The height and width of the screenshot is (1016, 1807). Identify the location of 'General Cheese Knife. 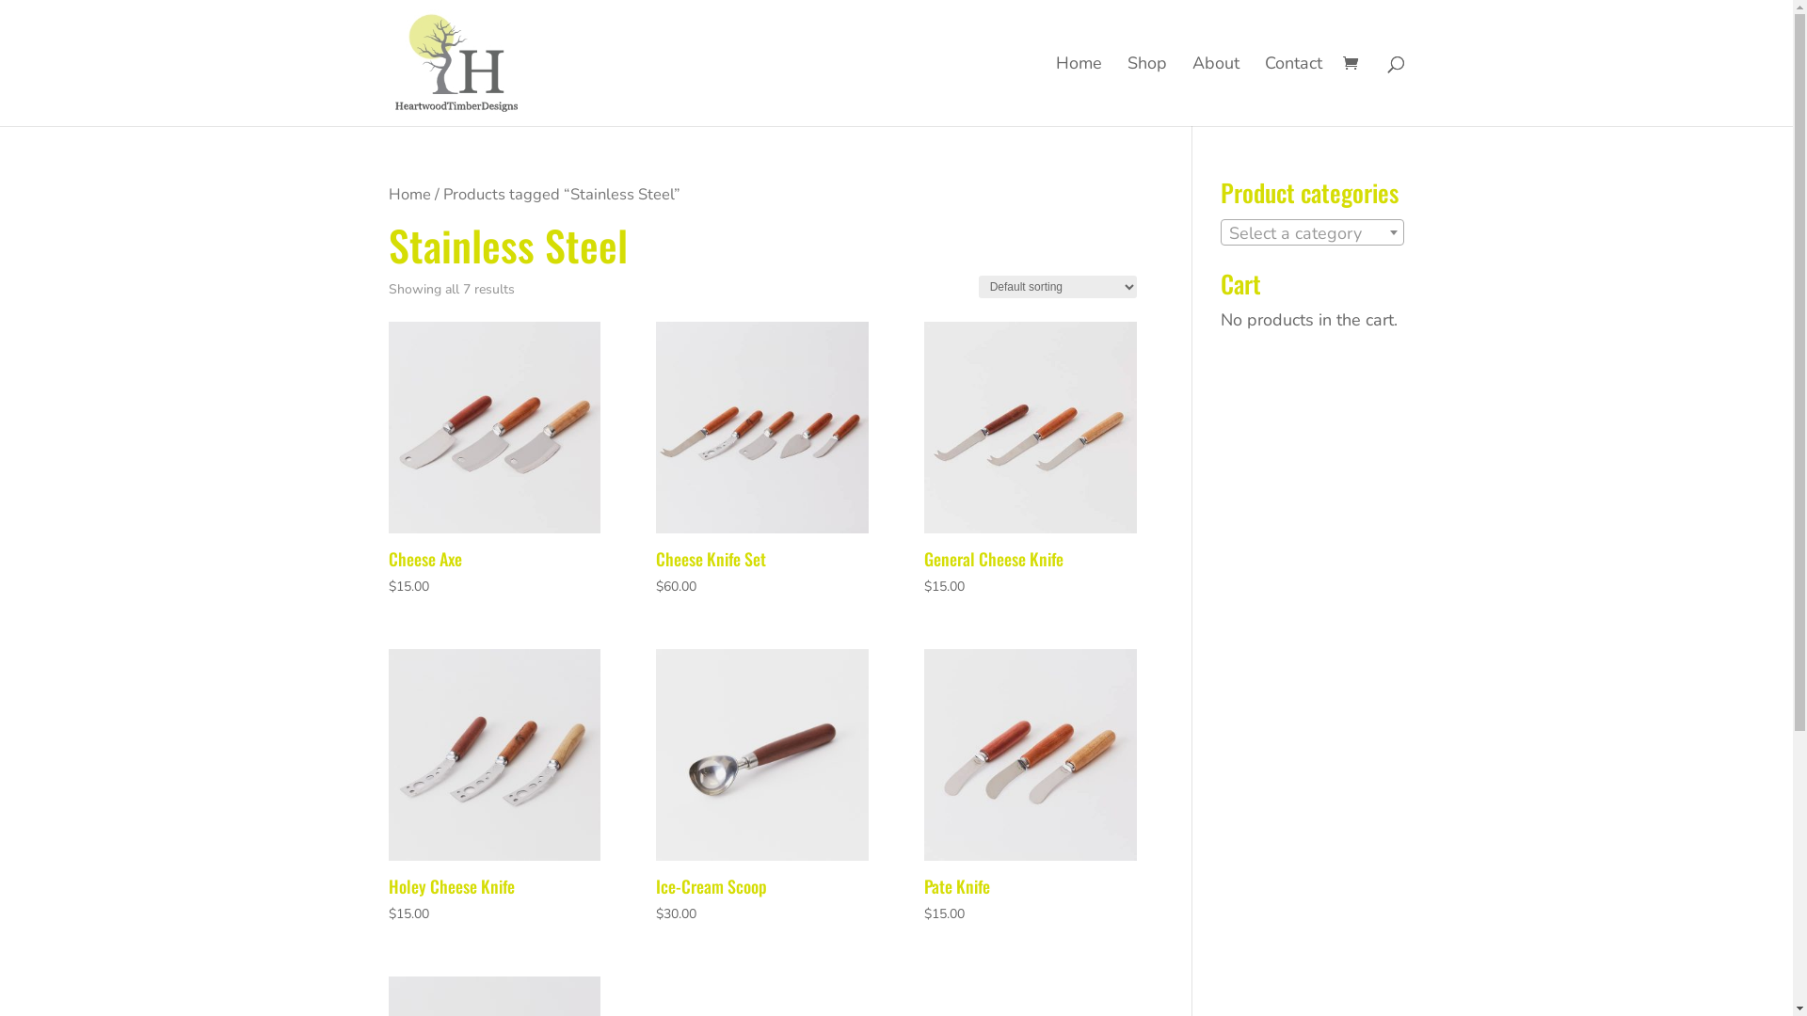
(924, 460).